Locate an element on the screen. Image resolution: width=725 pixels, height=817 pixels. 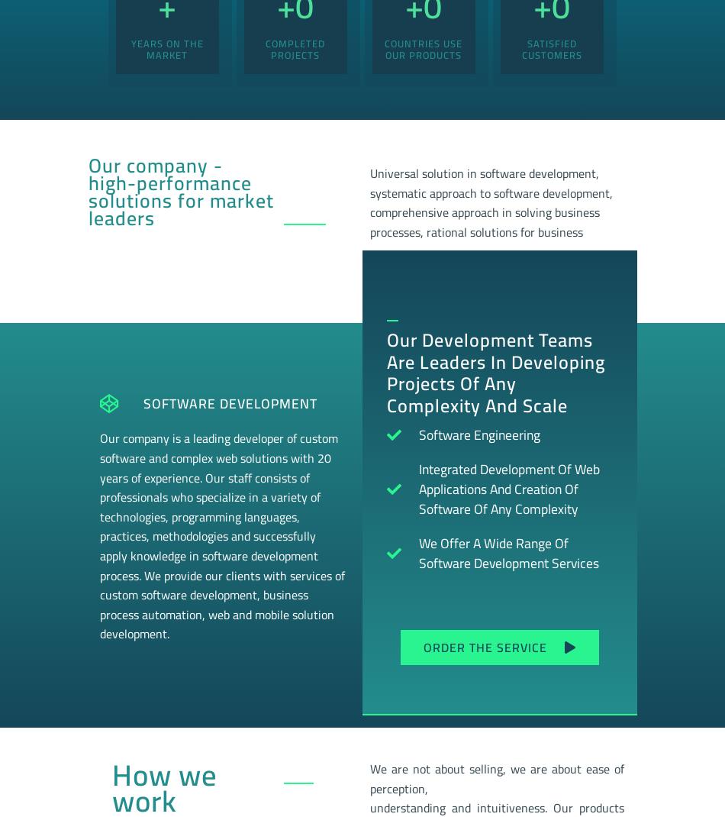
'Our company - high-performance solutions for market leaders' is located at coordinates (88, 191).